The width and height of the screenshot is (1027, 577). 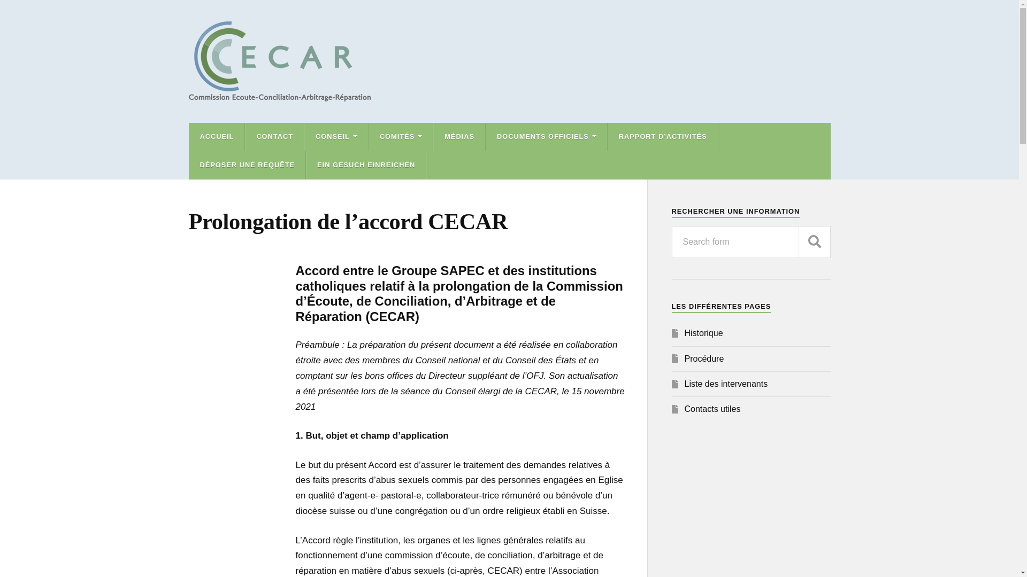 I want to click on 'DOCUMENTS OFFICIELS', so click(x=547, y=136).